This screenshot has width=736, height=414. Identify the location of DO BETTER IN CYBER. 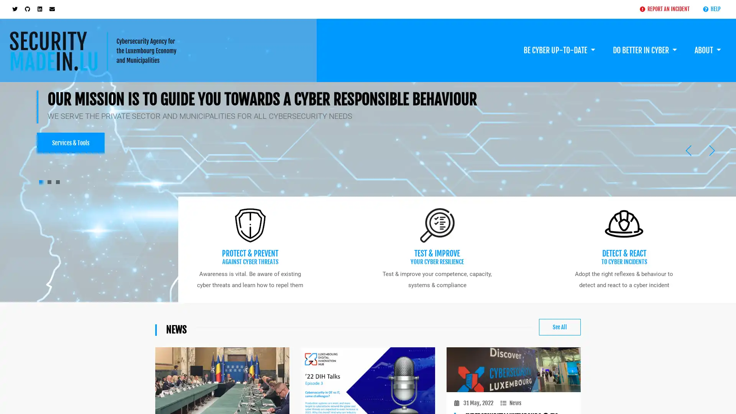
(644, 41).